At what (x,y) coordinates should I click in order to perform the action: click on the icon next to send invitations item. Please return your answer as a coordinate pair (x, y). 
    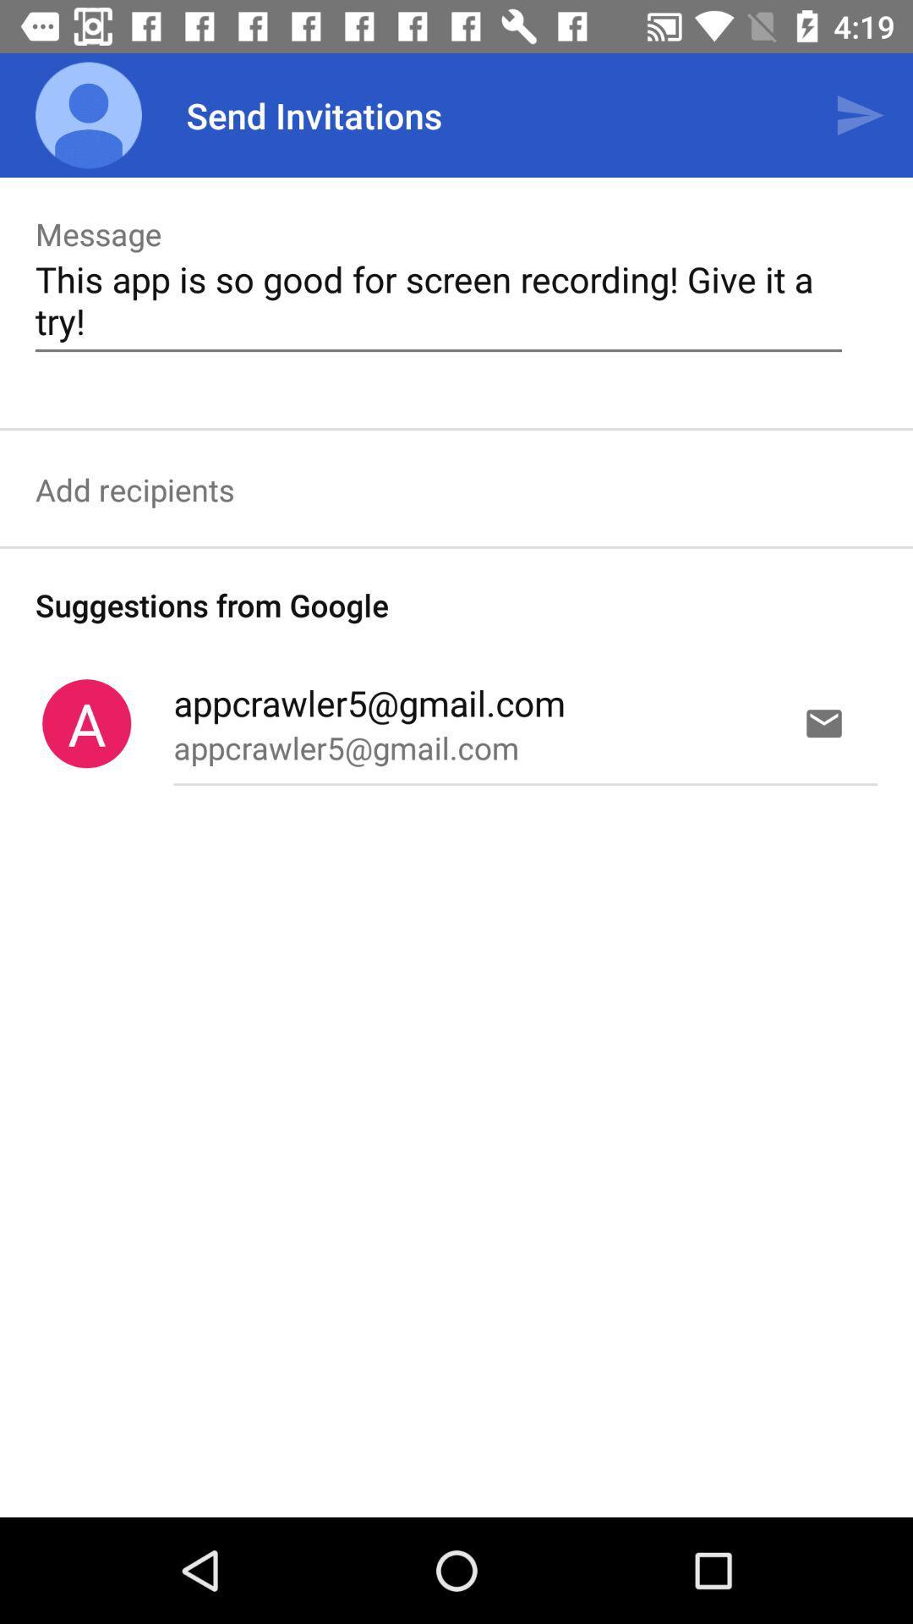
    Looking at the image, I should click on (88, 114).